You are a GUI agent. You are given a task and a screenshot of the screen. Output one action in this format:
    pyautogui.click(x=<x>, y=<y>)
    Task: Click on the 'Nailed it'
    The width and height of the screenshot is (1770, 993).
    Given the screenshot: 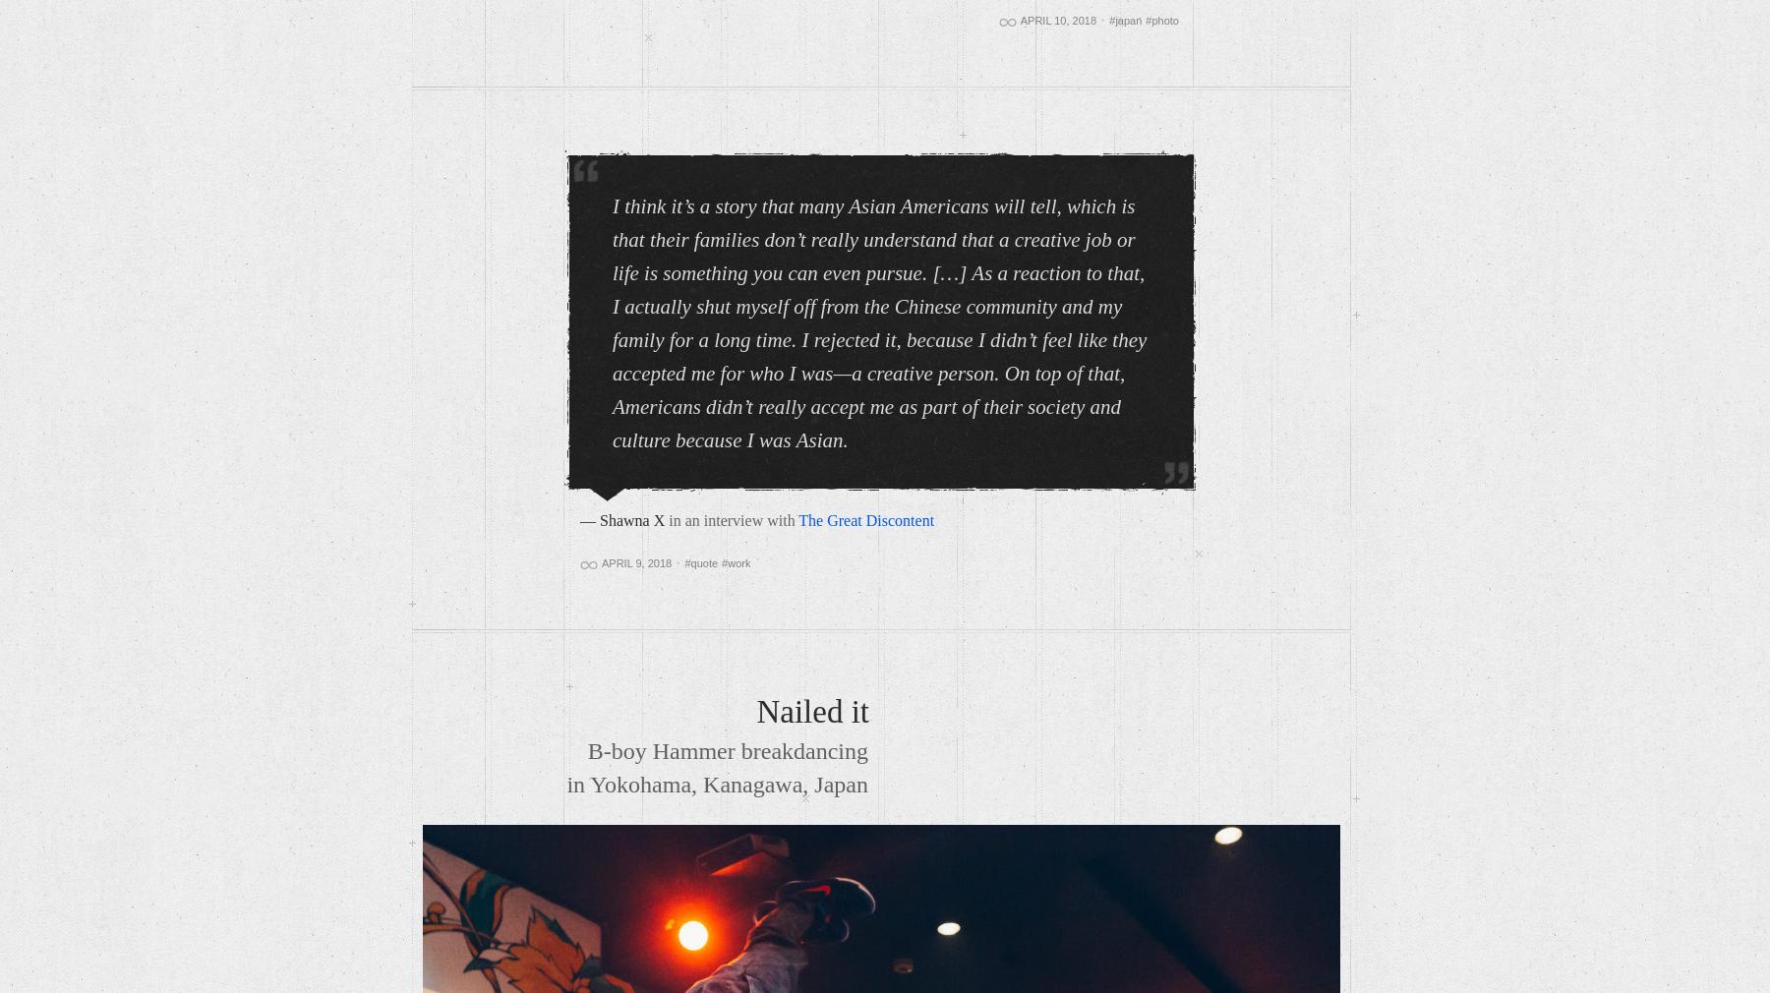 What is the action you would take?
    pyautogui.click(x=754, y=710)
    